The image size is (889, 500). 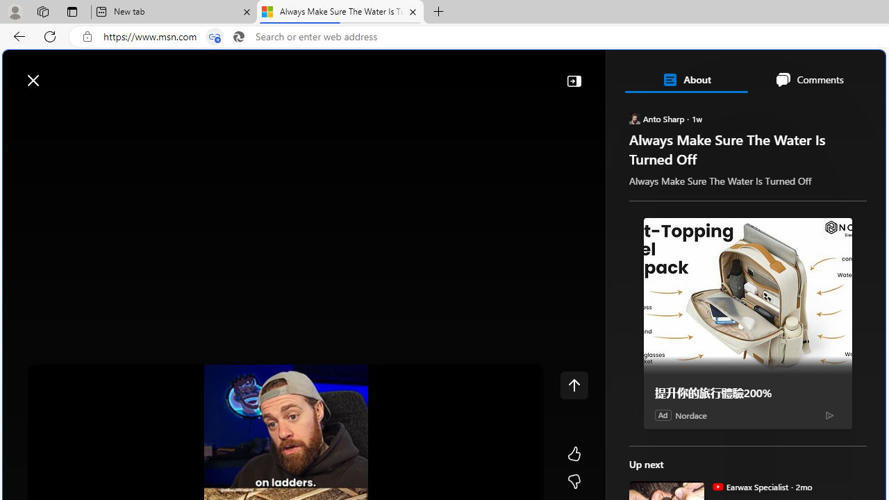 What do you see at coordinates (412, 12) in the screenshot?
I see `'Close tab'` at bounding box center [412, 12].